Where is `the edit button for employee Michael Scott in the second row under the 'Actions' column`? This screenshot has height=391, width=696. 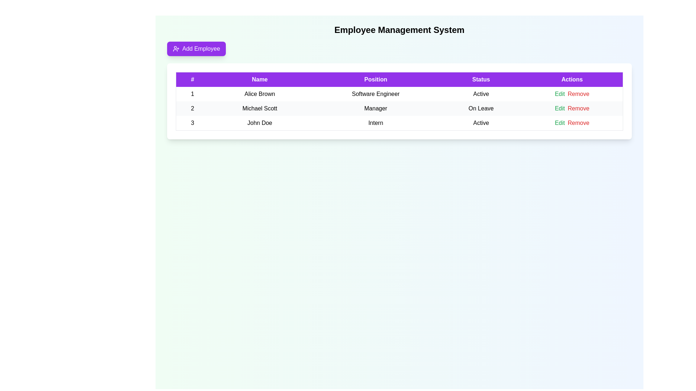 the edit button for employee Michael Scott in the second row under the 'Actions' column is located at coordinates (559, 109).